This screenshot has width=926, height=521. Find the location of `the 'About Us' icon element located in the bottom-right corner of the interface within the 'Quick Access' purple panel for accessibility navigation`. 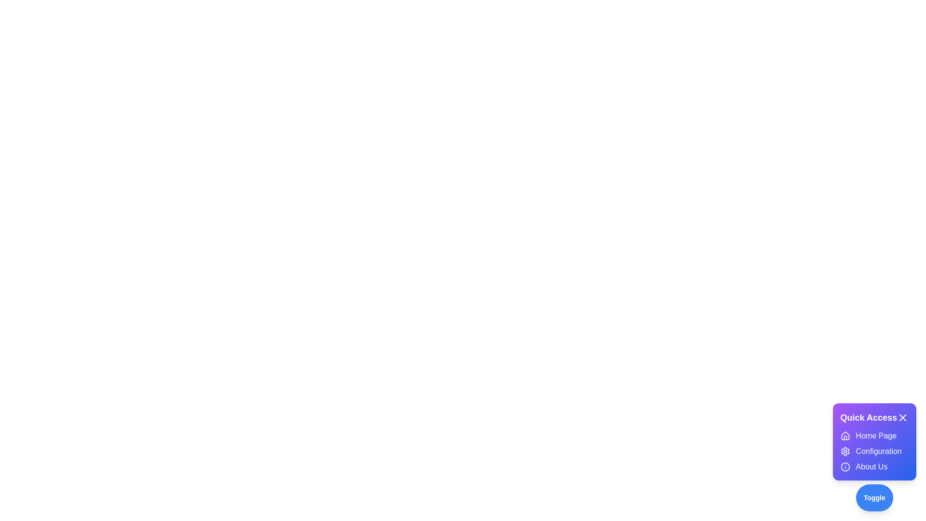

the 'About Us' icon element located in the bottom-right corner of the interface within the 'Quick Access' purple panel for accessibility navigation is located at coordinates (844, 466).